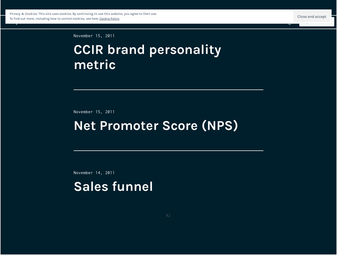  Describe the element at coordinates (83, 13) in the screenshot. I see `'Privacy & Cookies: This site uses cookies. By continuing to use this website, you agree to their use.'` at that location.